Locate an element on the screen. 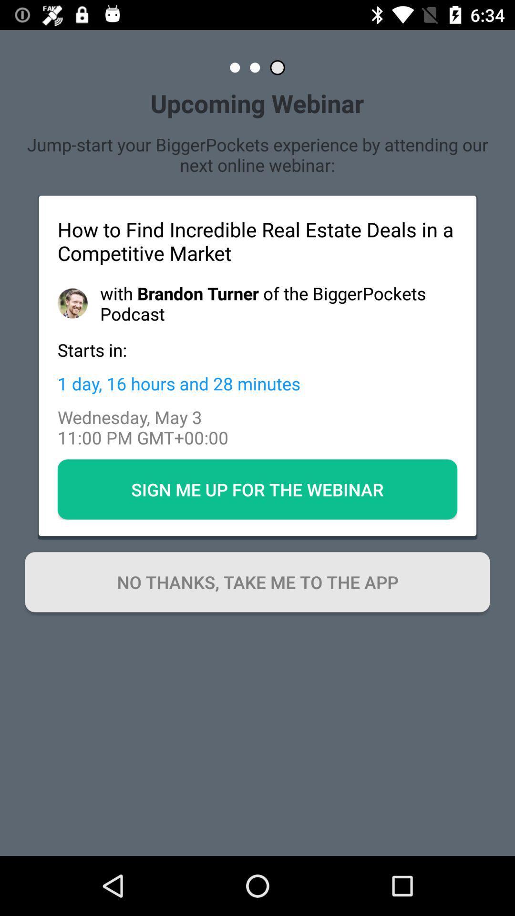 The image size is (515, 916). button below sign me up button is located at coordinates (257, 582).